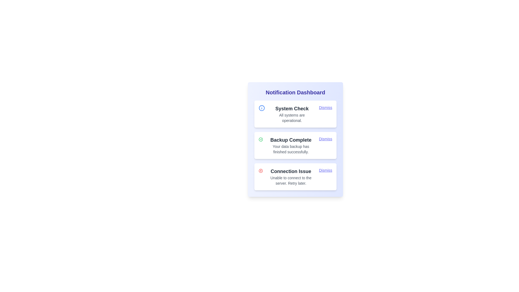  I want to click on the title text label of the third notification card, which summarizes the issue conveyed in the card, so click(291, 171).